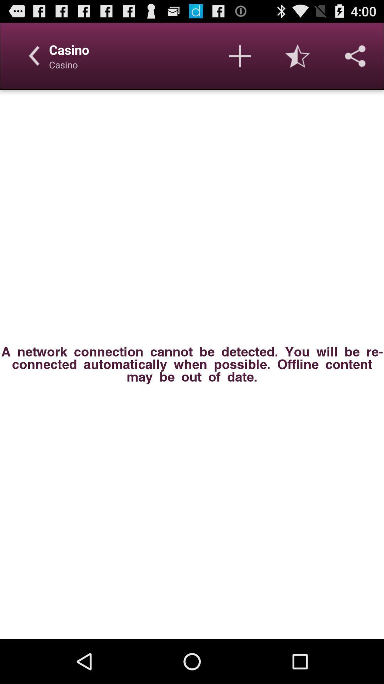  I want to click on app to the right of casino item, so click(240, 56).